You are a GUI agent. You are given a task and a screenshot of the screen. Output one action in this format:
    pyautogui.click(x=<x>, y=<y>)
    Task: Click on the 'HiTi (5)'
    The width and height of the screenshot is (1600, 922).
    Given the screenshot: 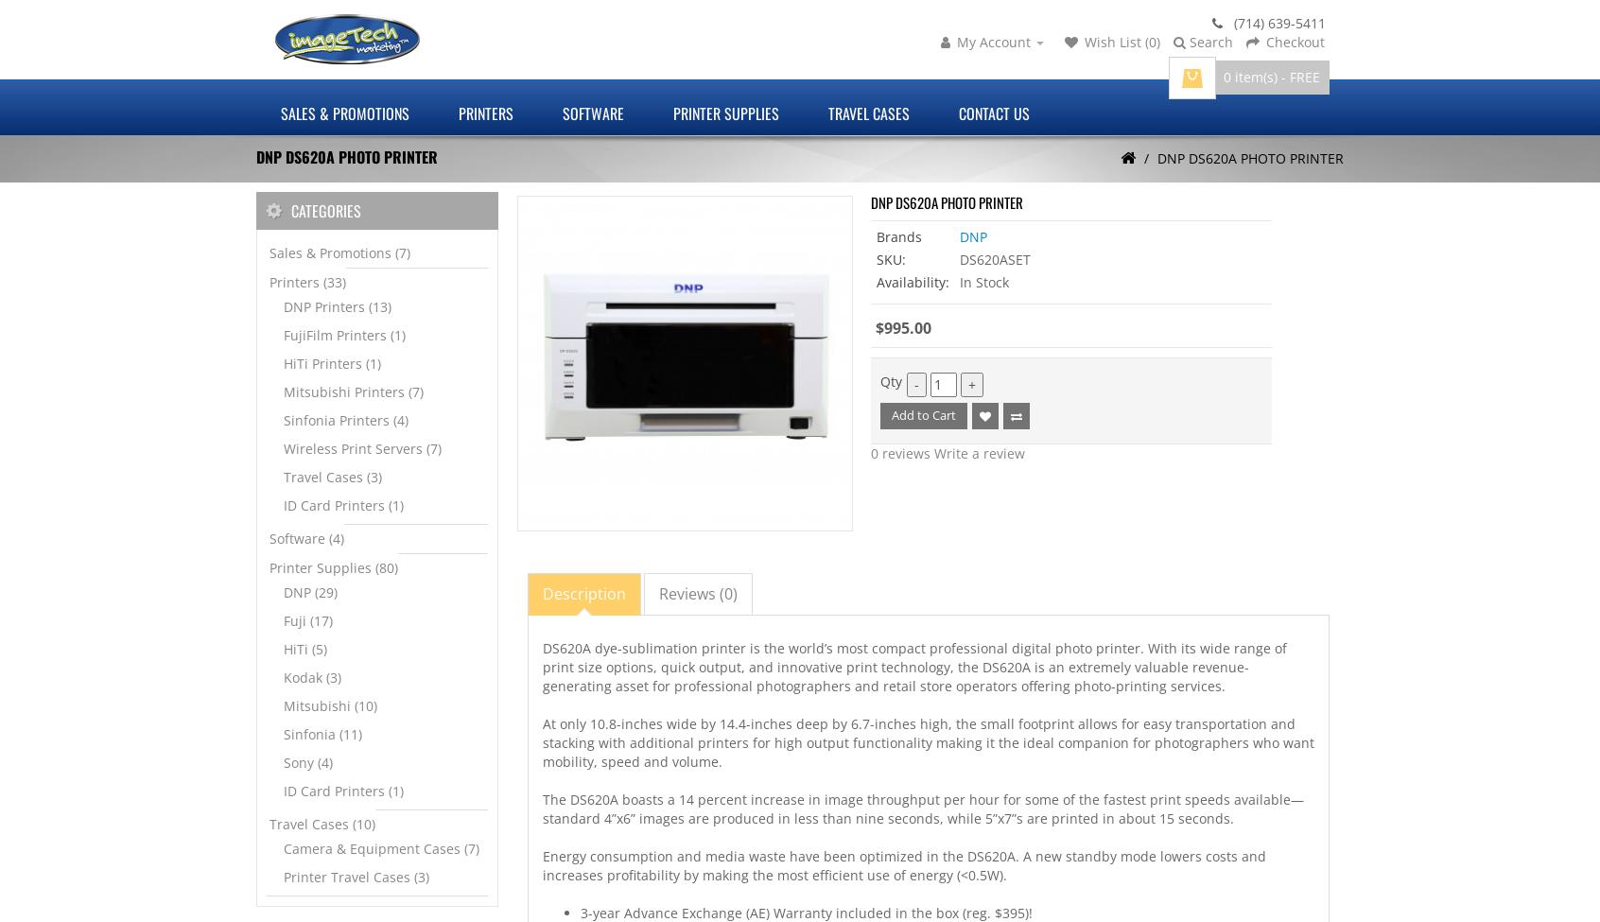 What is the action you would take?
    pyautogui.click(x=282, y=648)
    